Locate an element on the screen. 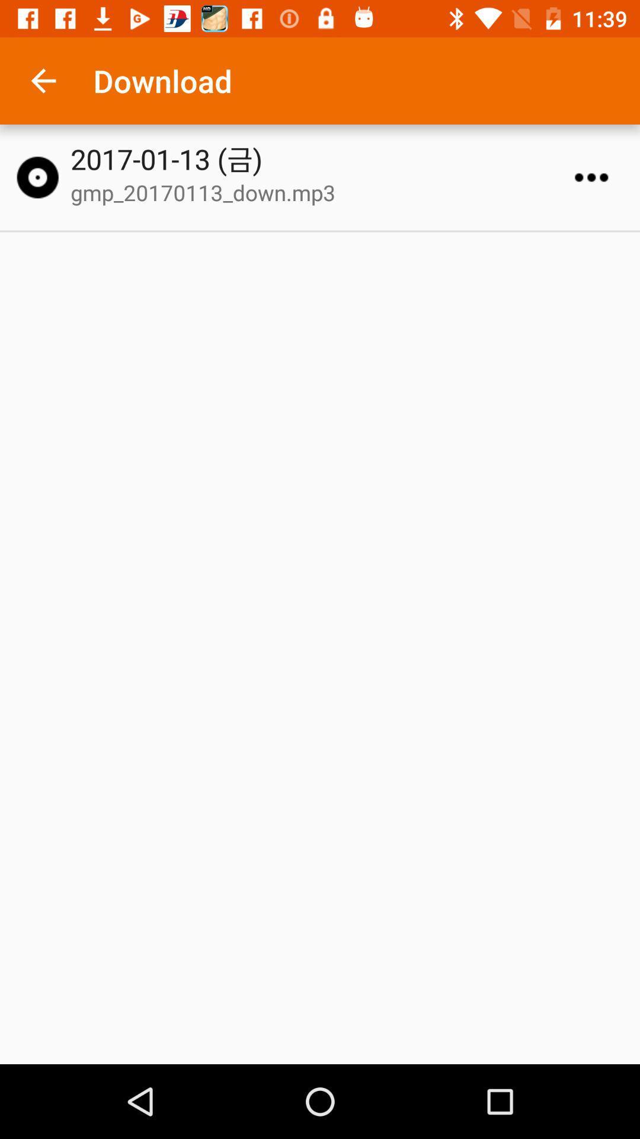  the icon at the top right corner is located at coordinates (591, 177).